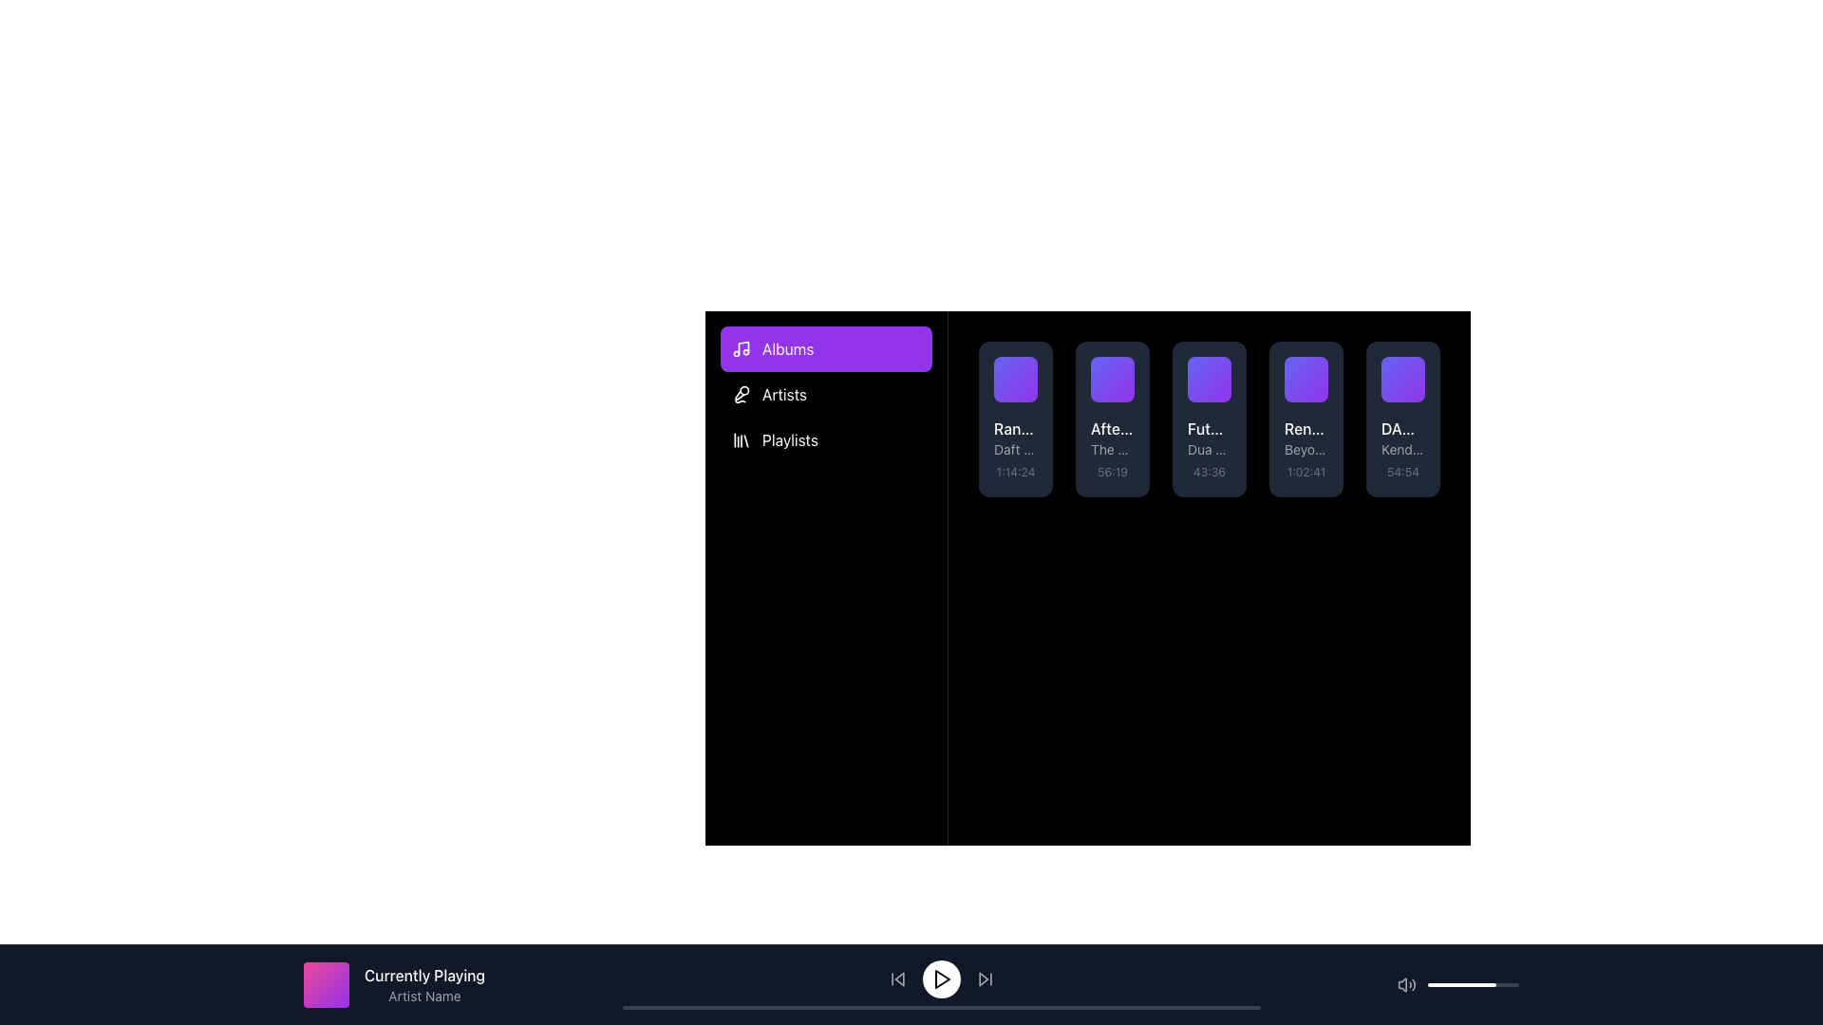 Image resolution: width=1823 pixels, height=1025 pixels. Describe the element at coordinates (1122, 368) in the screenshot. I see `the heart icon with a black semi-transparent background and a white heart symbol located at the upper-right corner of the 'After Hours' album card to mark it as a favorite` at that location.